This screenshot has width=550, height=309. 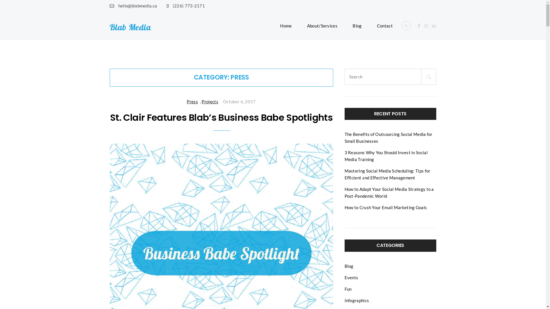 What do you see at coordinates (299, 25) in the screenshot?
I see `'About/Services'` at bounding box center [299, 25].